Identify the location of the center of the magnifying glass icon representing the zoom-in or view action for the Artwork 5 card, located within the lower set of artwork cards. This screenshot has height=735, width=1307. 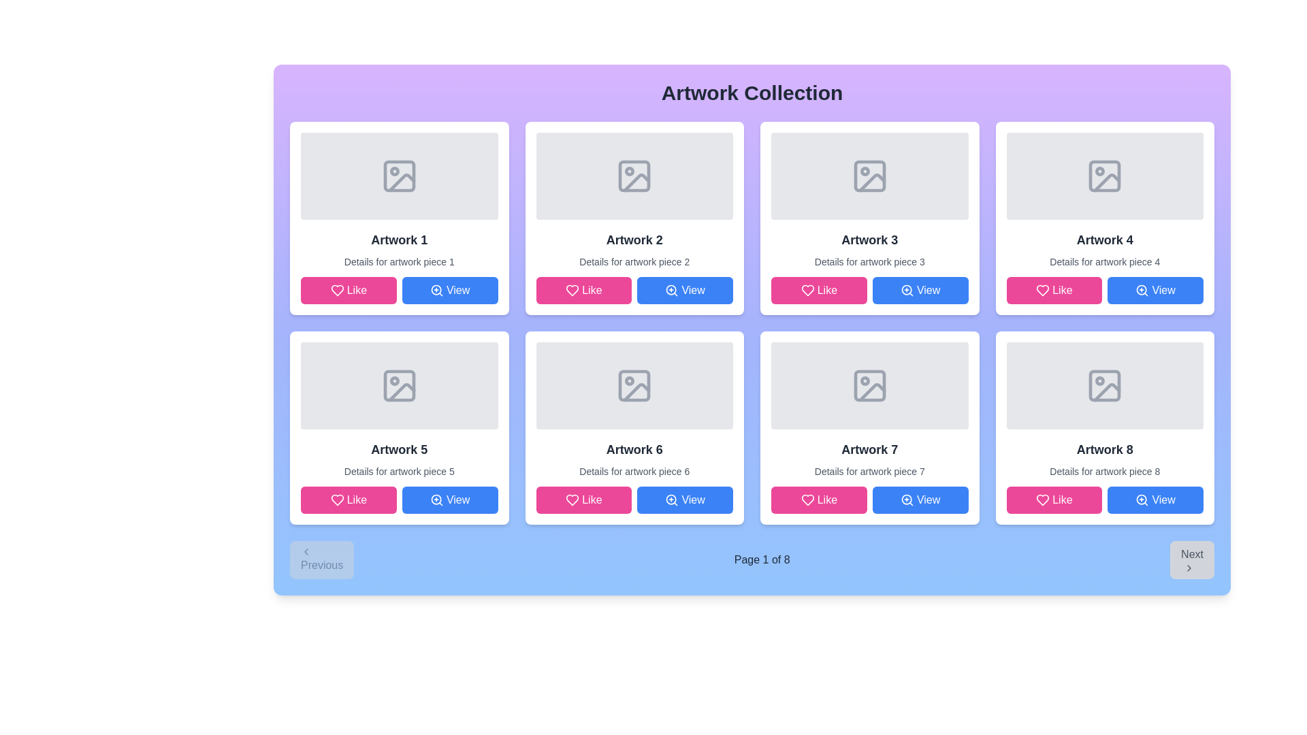
(436, 500).